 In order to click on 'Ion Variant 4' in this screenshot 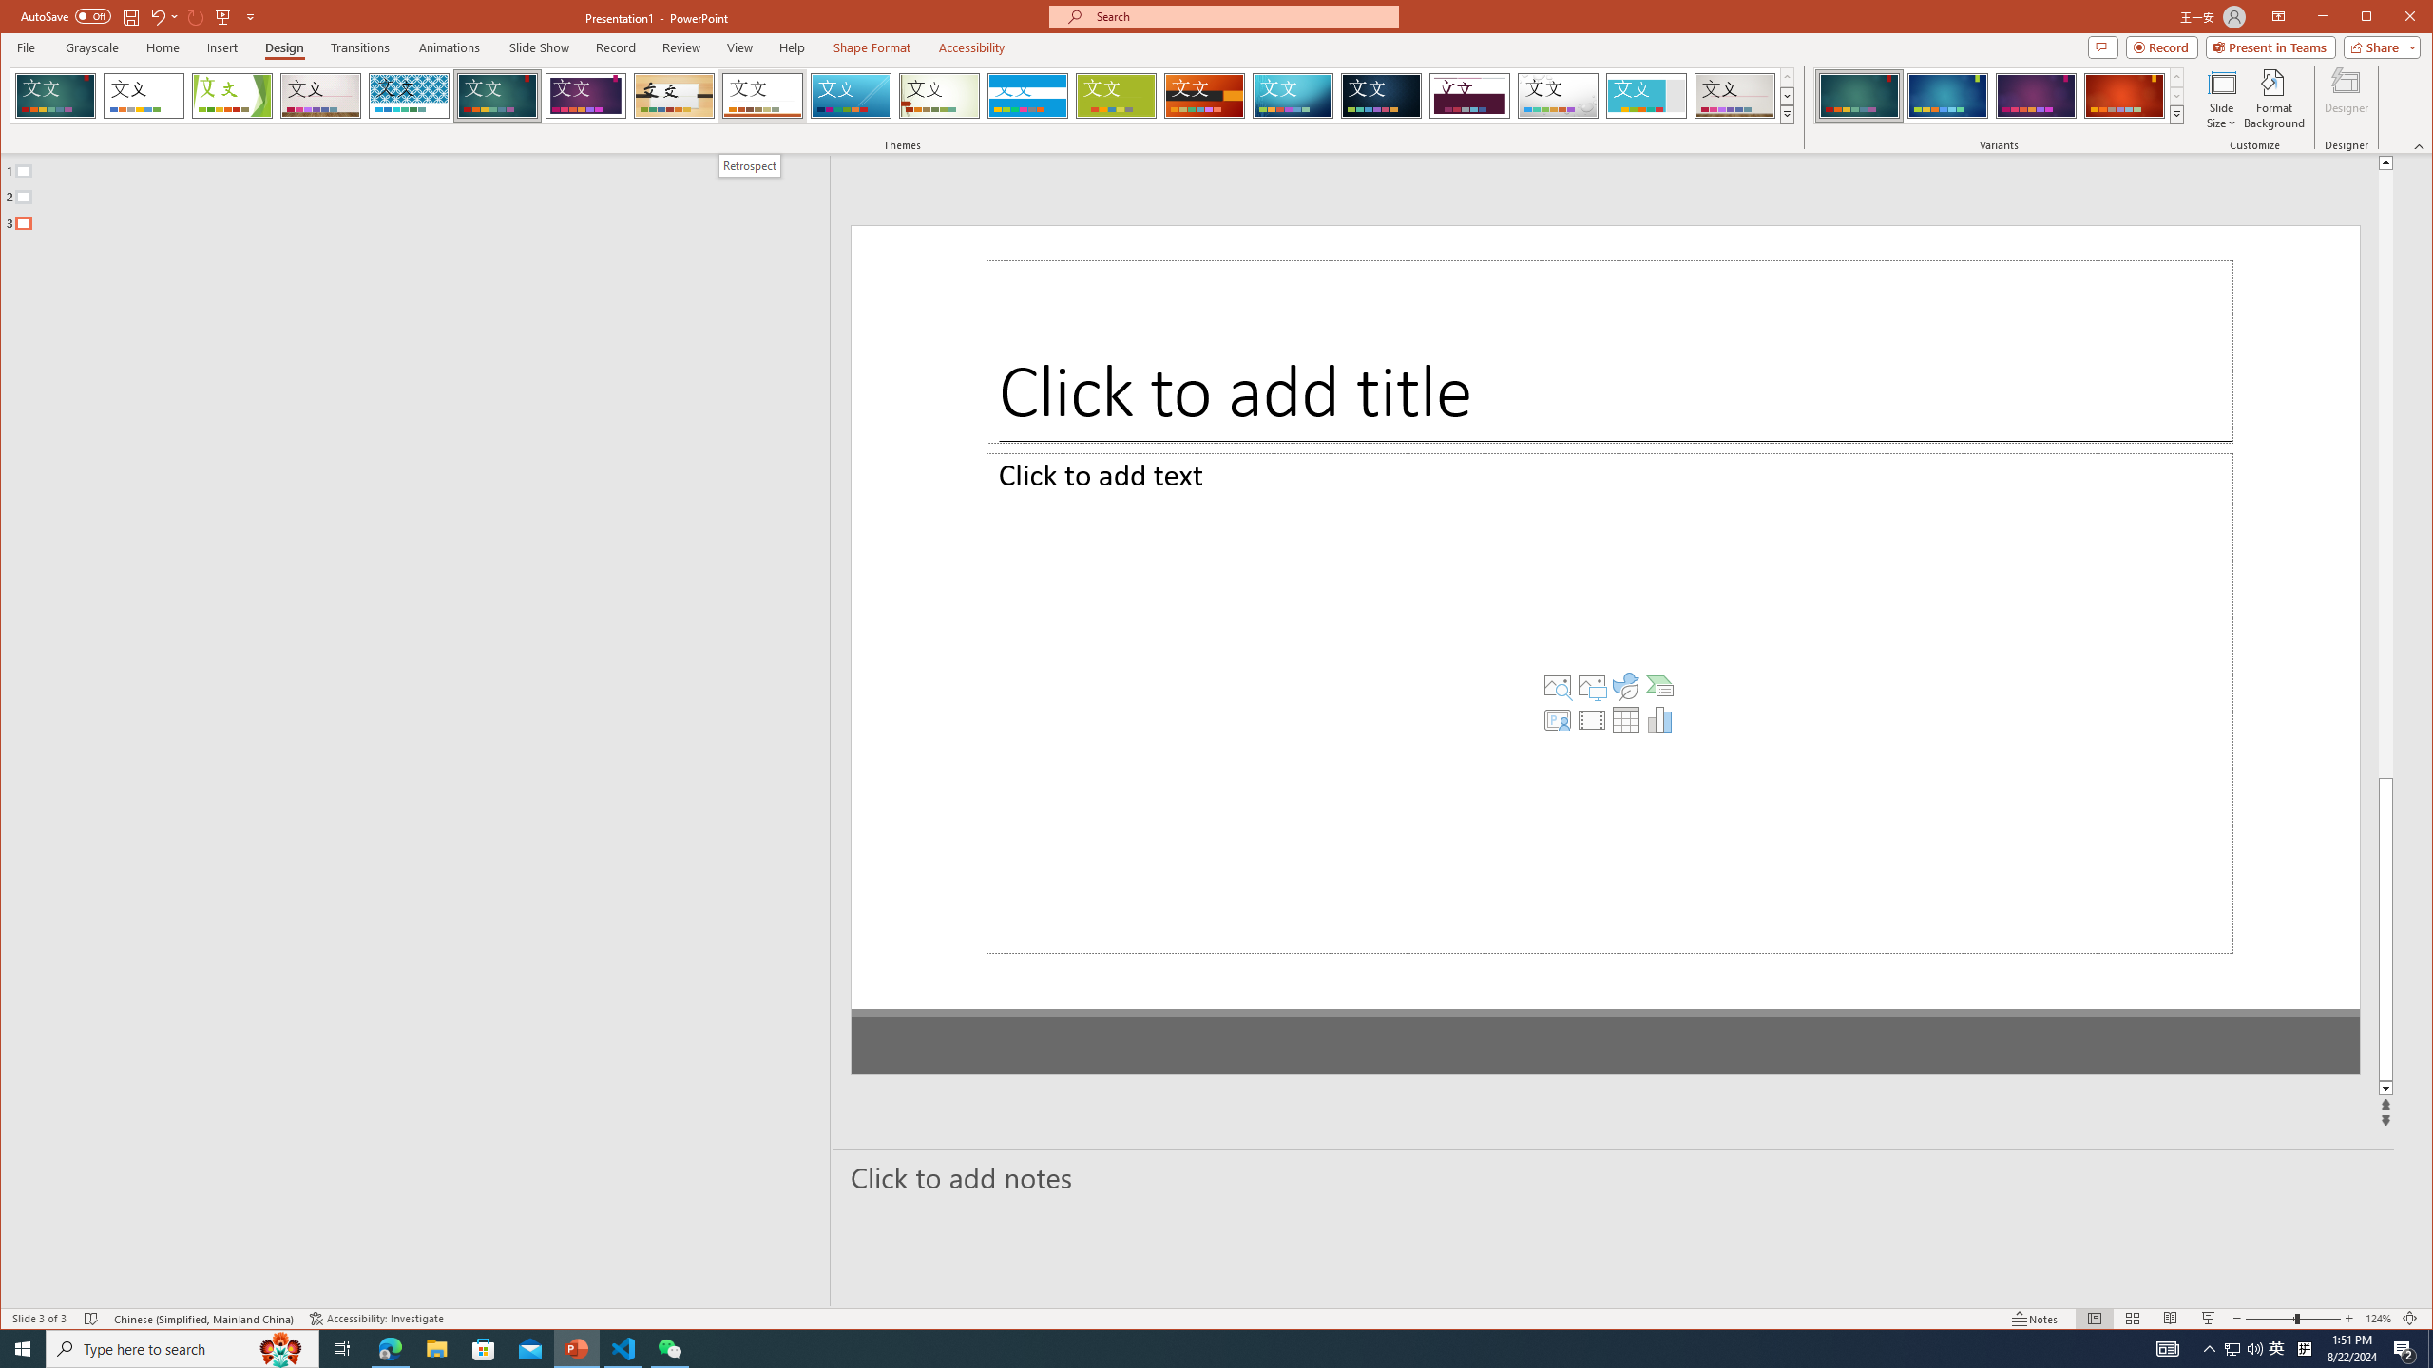, I will do `click(2122, 95)`.